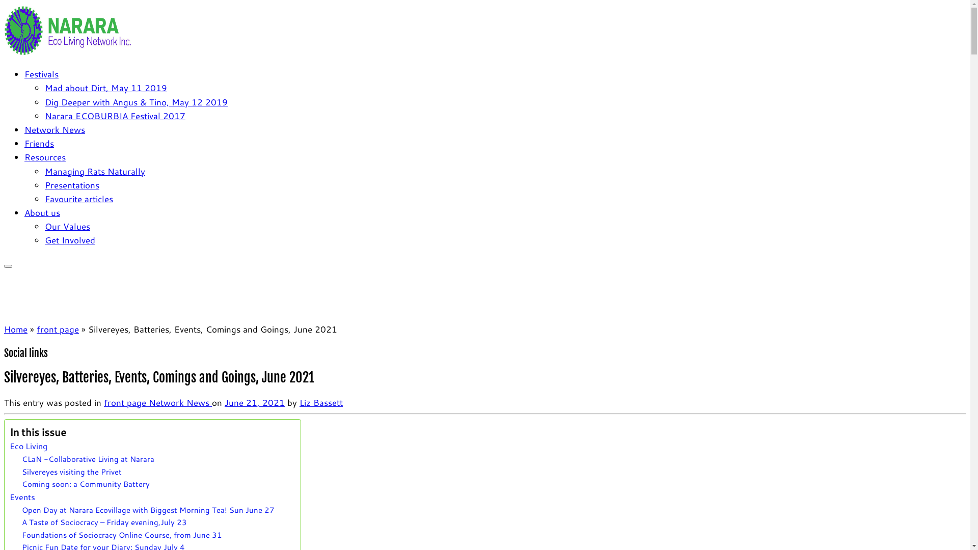 The image size is (978, 550). Describe the element at coordinates (8, 266) in the screenshot. I see `'Open the menu'` at that location.